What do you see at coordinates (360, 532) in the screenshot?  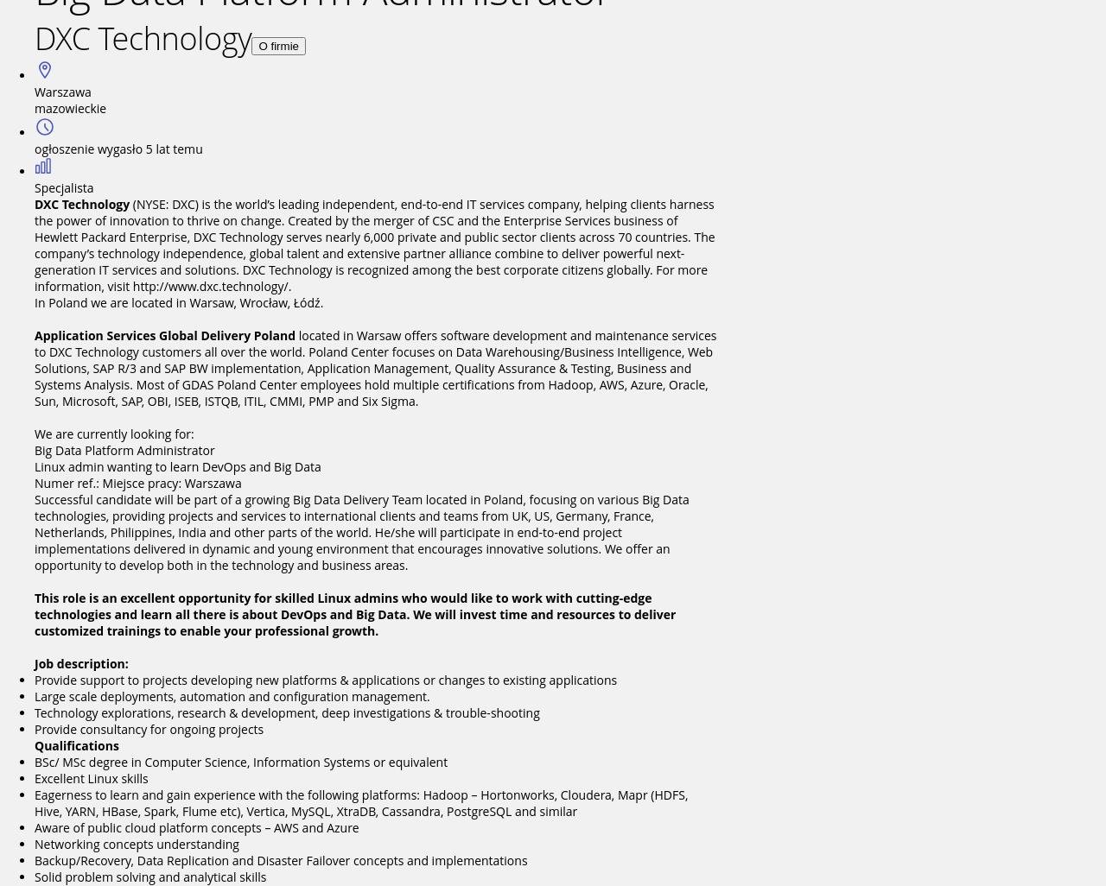 I see `'Successful candidate will be part of a growing Big Data Delivery Team located in Poland, focusing on various Big Data technologies, providing projects and services to international clients and teams from UK, US, Germany, France, Netherlands, Philippines, India and other parts of the world. He/she will participate in end-to-end project implementations delivered in dynamic and young environment that encourages innovative solutions. We offer an opportunity to develop both in the technology and business areas.'` at bounding box center [360, 532].